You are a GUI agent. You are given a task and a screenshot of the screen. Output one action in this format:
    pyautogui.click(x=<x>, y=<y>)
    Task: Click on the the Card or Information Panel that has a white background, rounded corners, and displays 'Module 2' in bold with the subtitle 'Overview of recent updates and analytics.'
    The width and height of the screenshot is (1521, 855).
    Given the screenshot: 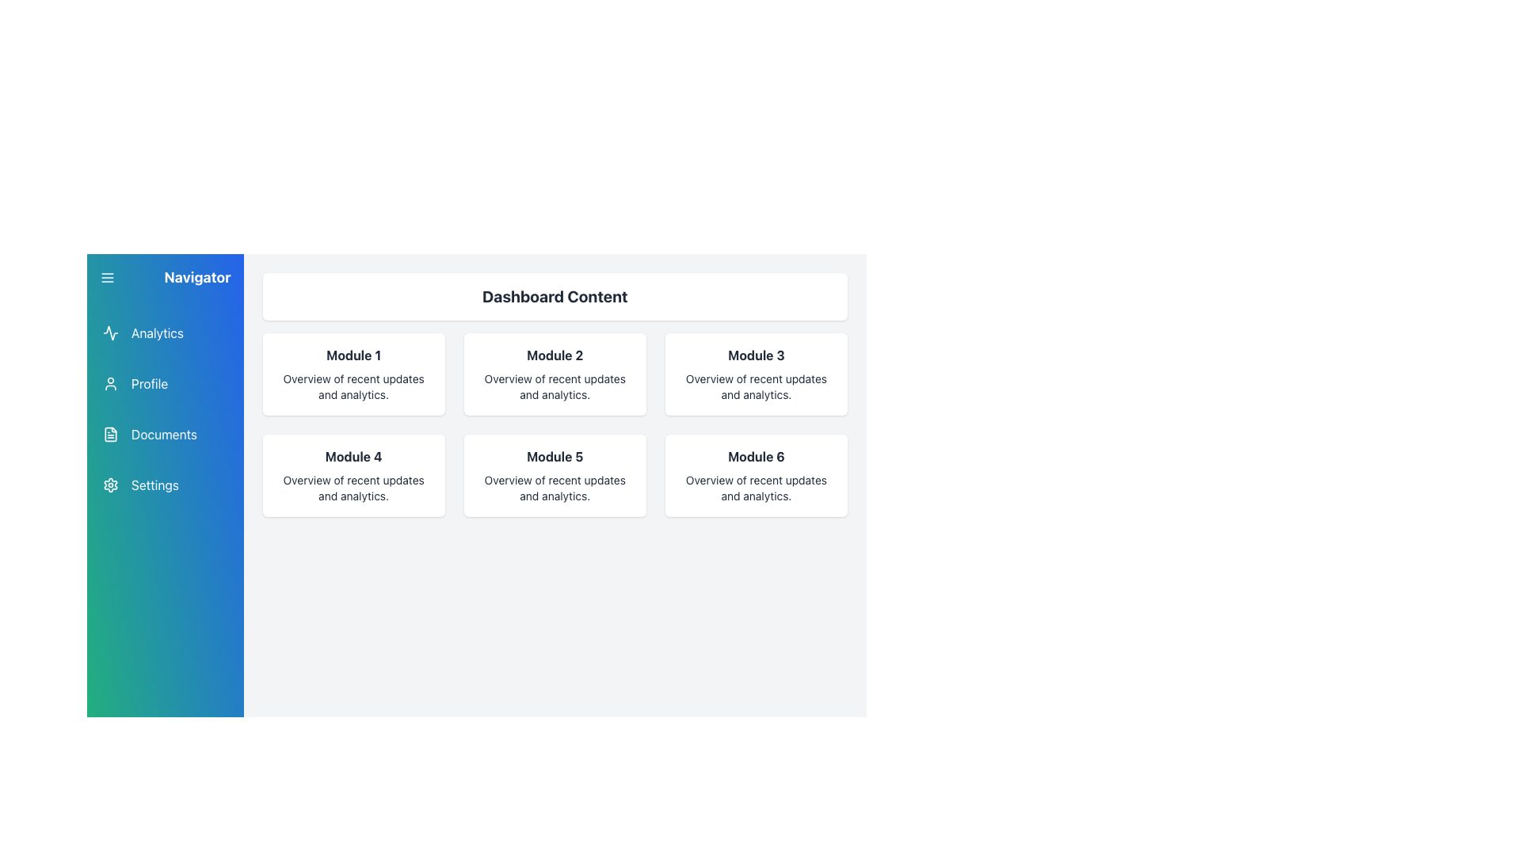 What is the action you would take?
    pyautogui.click(x=555, y=374)
    